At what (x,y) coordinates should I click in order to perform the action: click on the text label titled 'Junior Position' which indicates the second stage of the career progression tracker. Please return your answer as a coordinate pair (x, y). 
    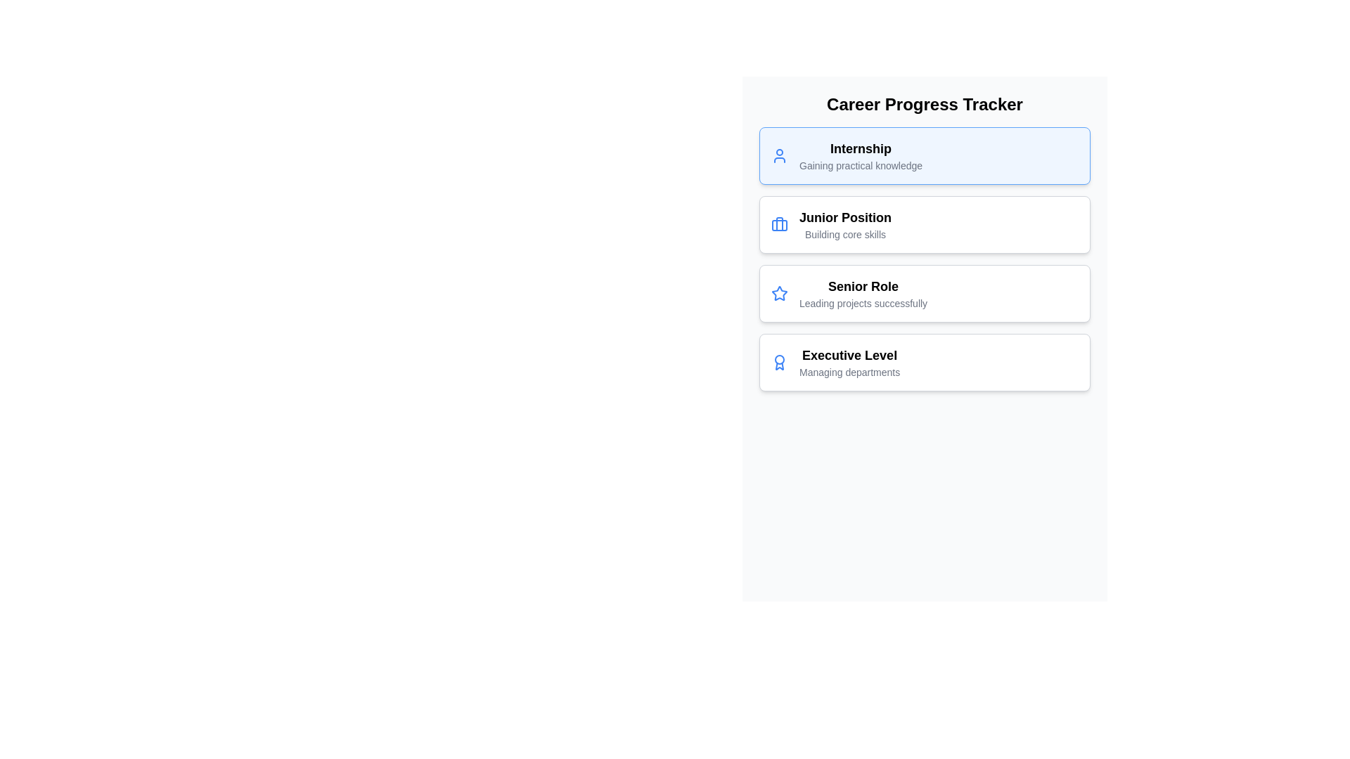
    Looking at the image, I should click on (844, 217).